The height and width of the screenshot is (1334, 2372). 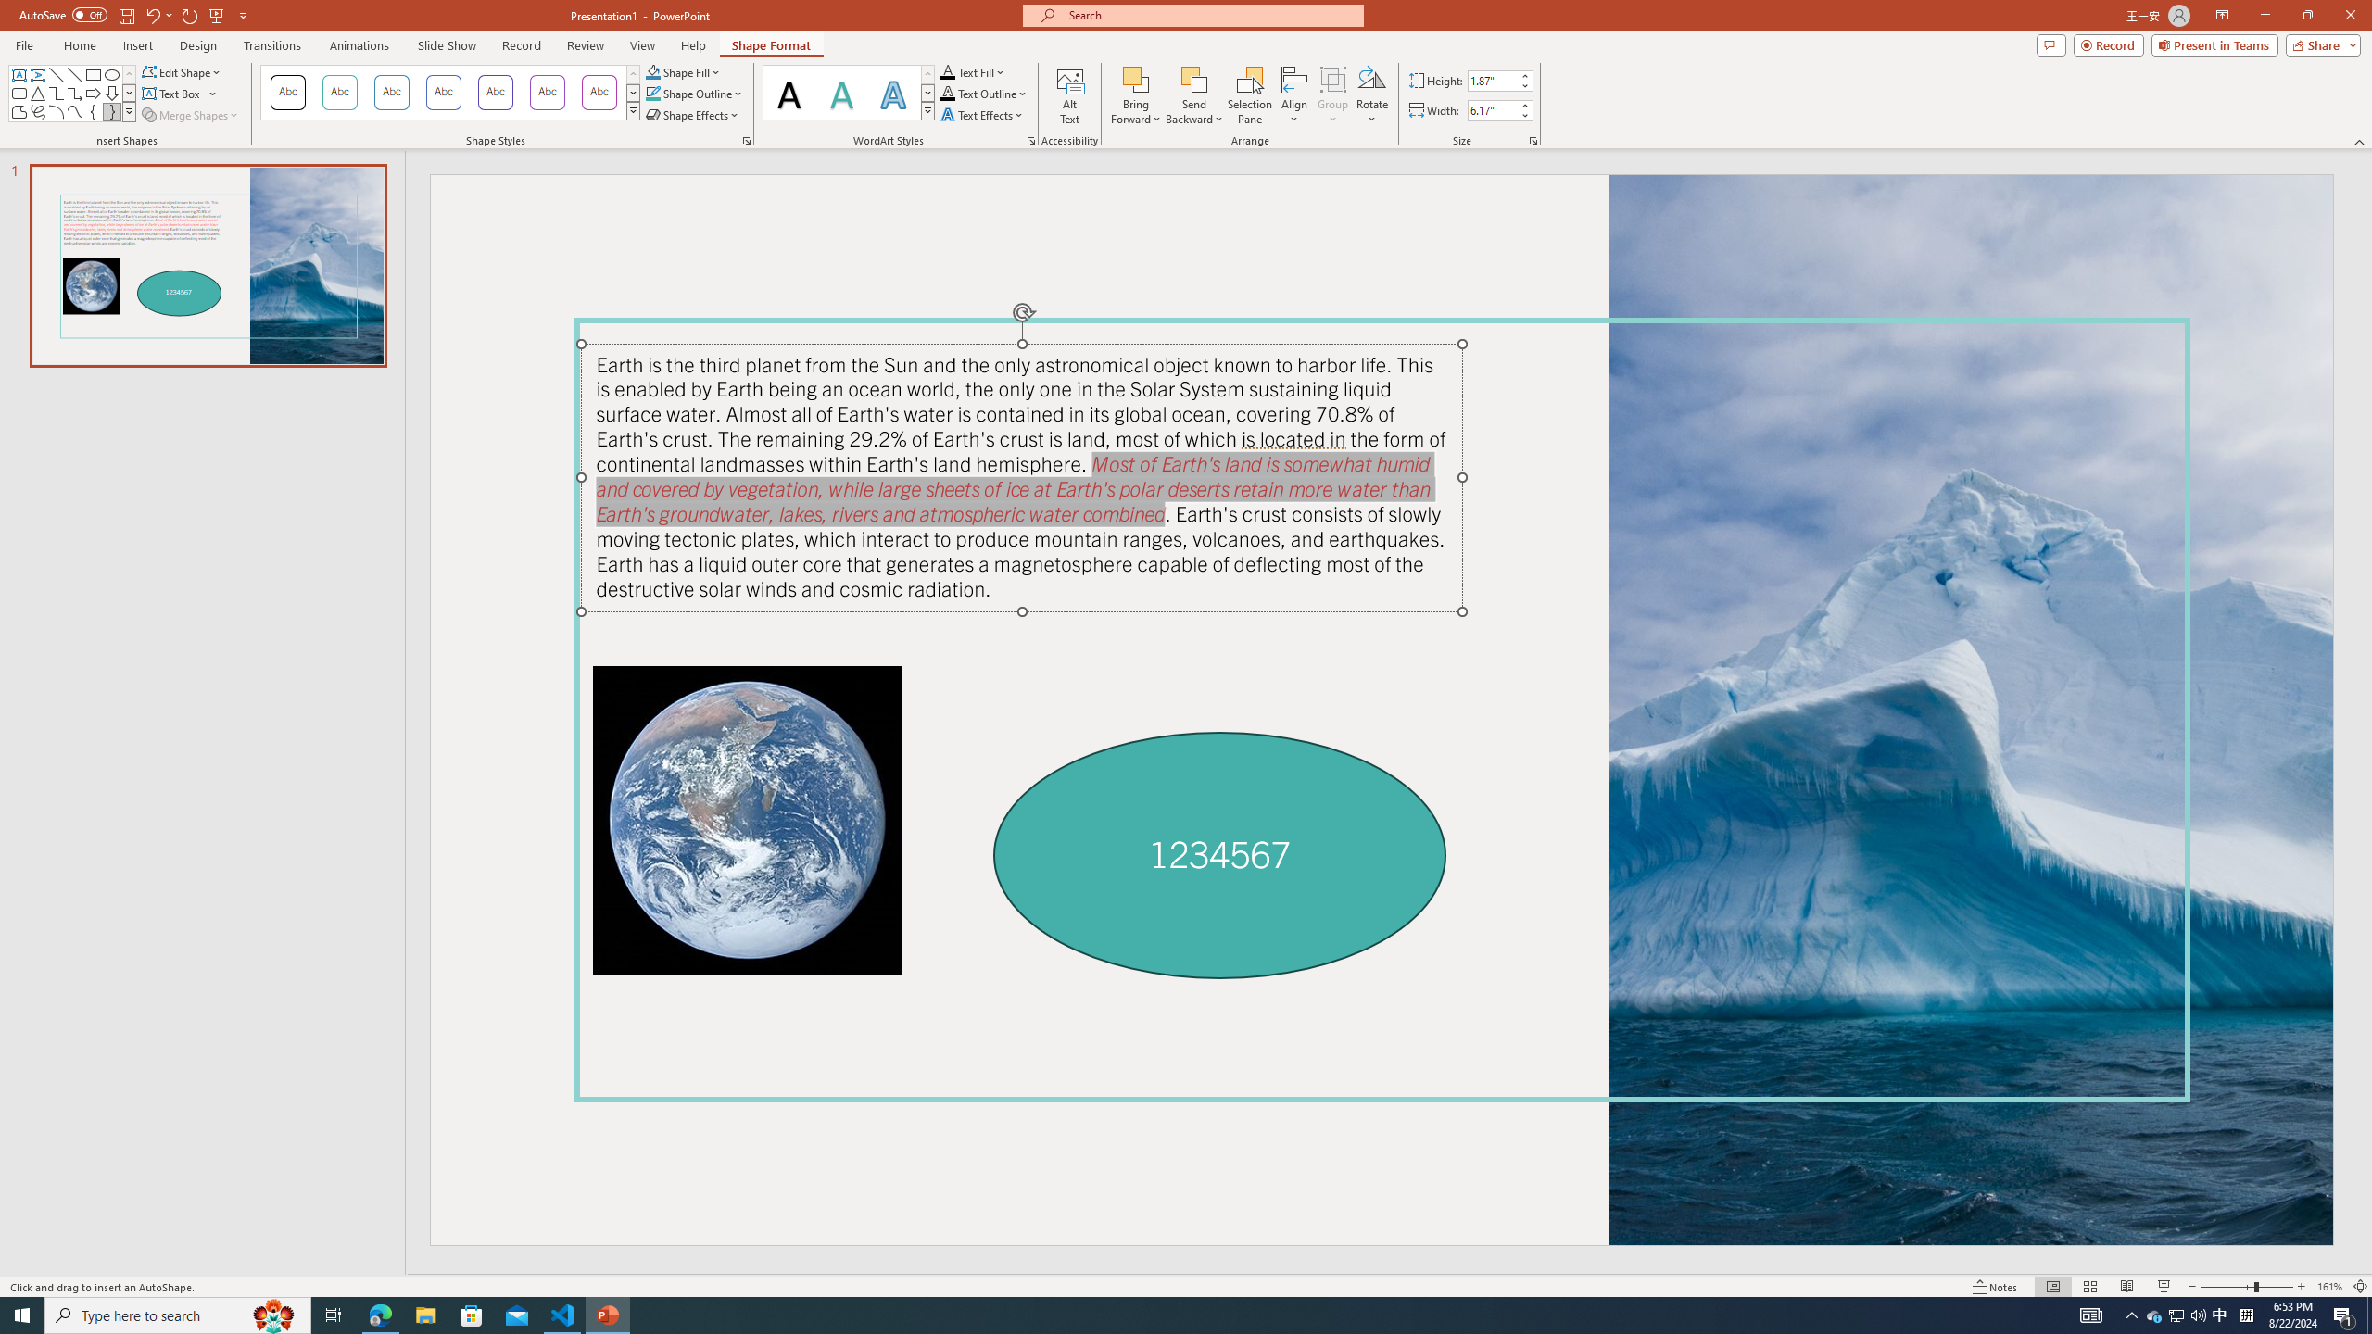 What do you see at coordinates (271, 45) in the screenshot?
I see `'Transitions'` at bounding box center [271, 45].